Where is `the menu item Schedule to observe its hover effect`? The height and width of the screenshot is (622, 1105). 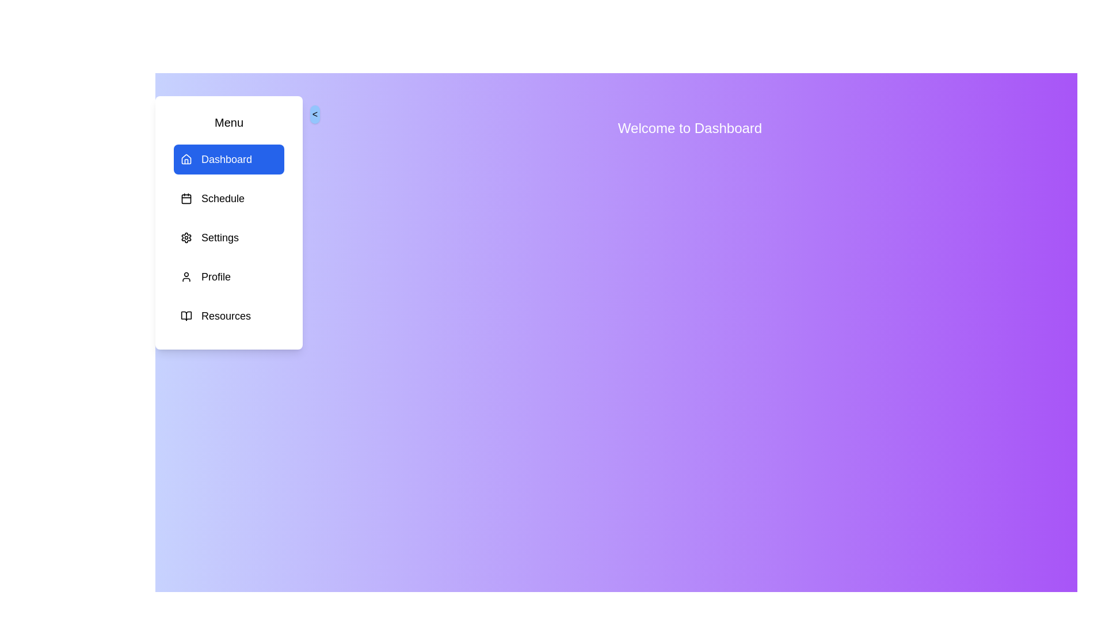 the menu item Schedule to observe its hover effect is located at coordinates (229, 198).